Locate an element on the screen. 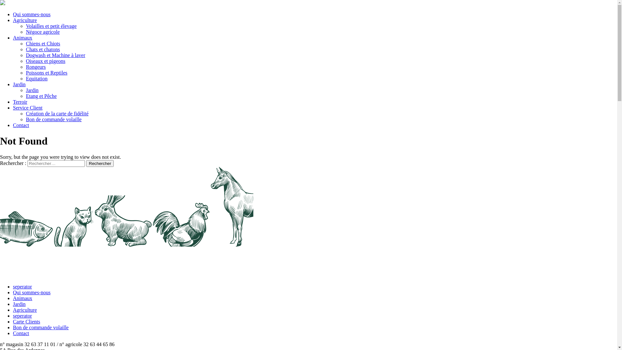  'Rongeurs' is located at coordinates (35, 67).